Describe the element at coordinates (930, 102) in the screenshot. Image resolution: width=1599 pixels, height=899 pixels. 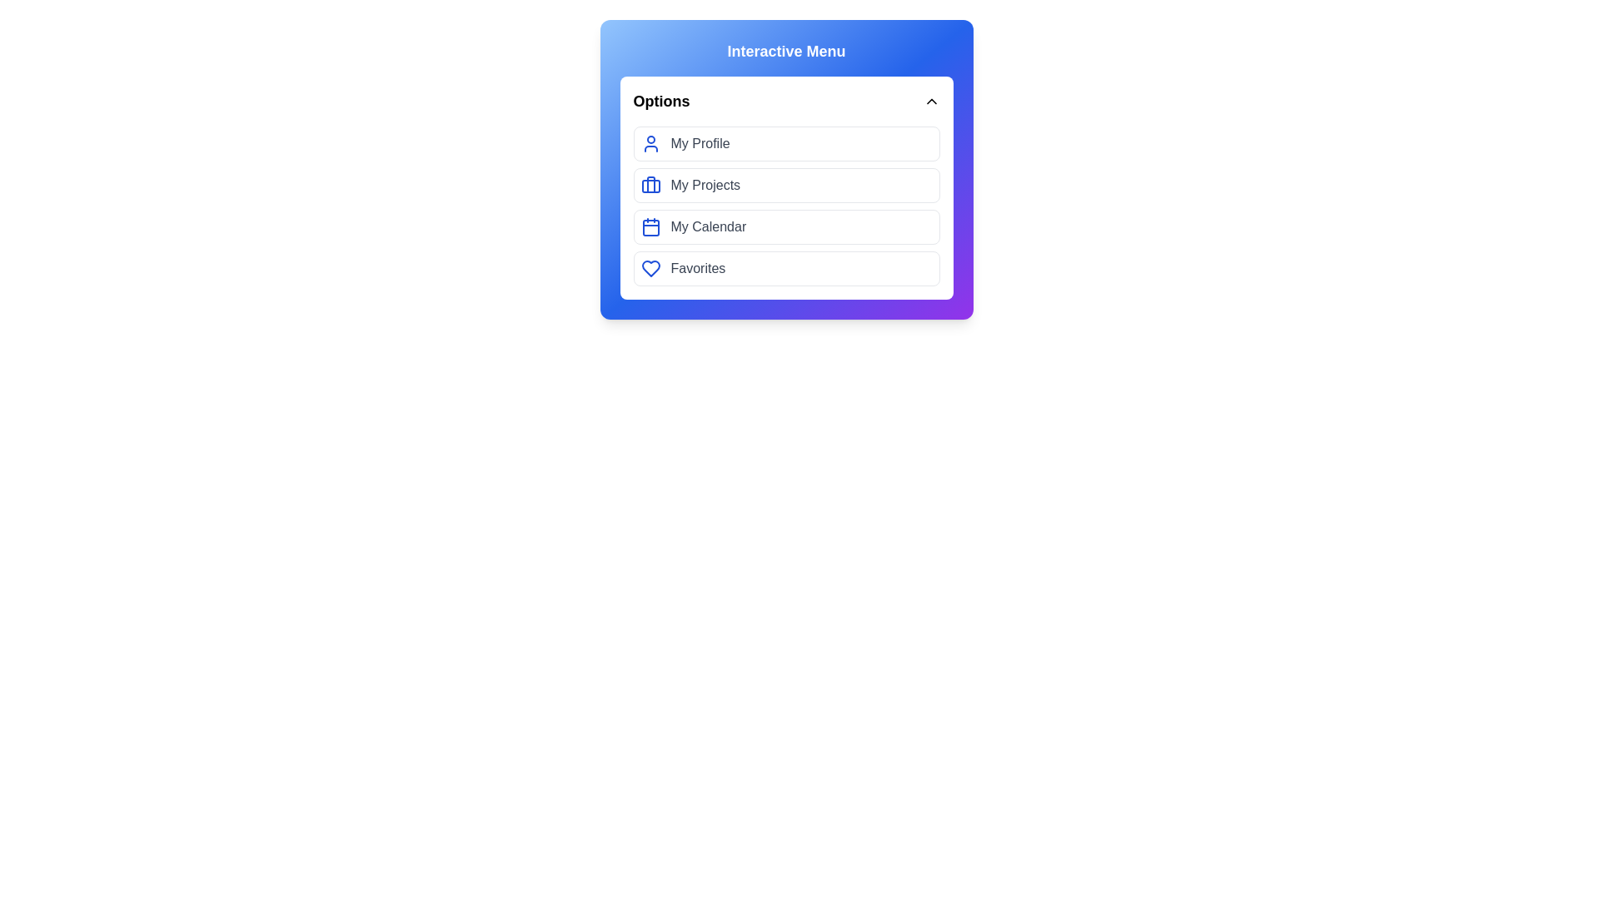
I see `the Chevron-Up icon located to the right of the 'Options' text in the upper section of the interface panel` at that location.